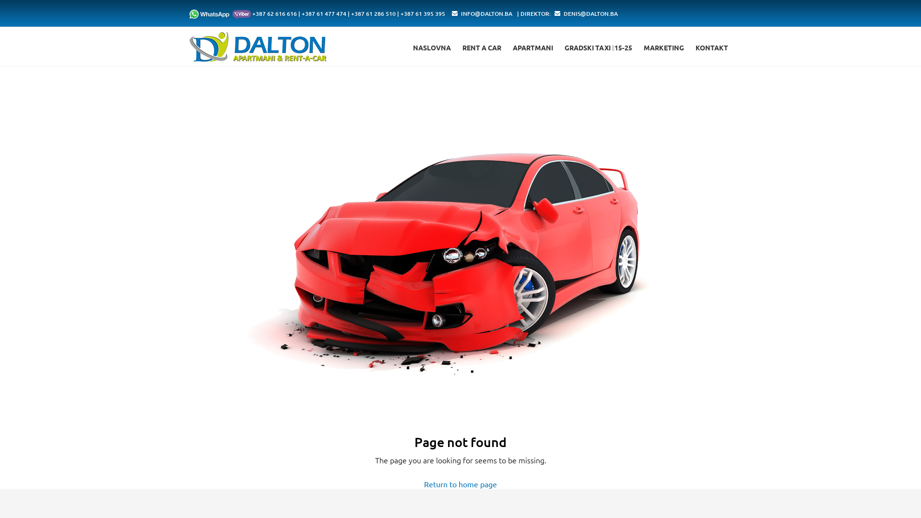 This screenshot has width=921, height=518. What do you see at coordinates (486, 13) in the screenshot?
I see `'INFO@DALTON.BA'` at bounding box center [486, 13].